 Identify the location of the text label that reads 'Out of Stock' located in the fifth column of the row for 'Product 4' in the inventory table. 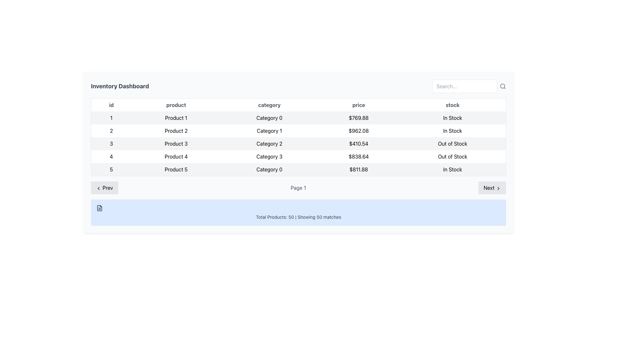
(452, 157).